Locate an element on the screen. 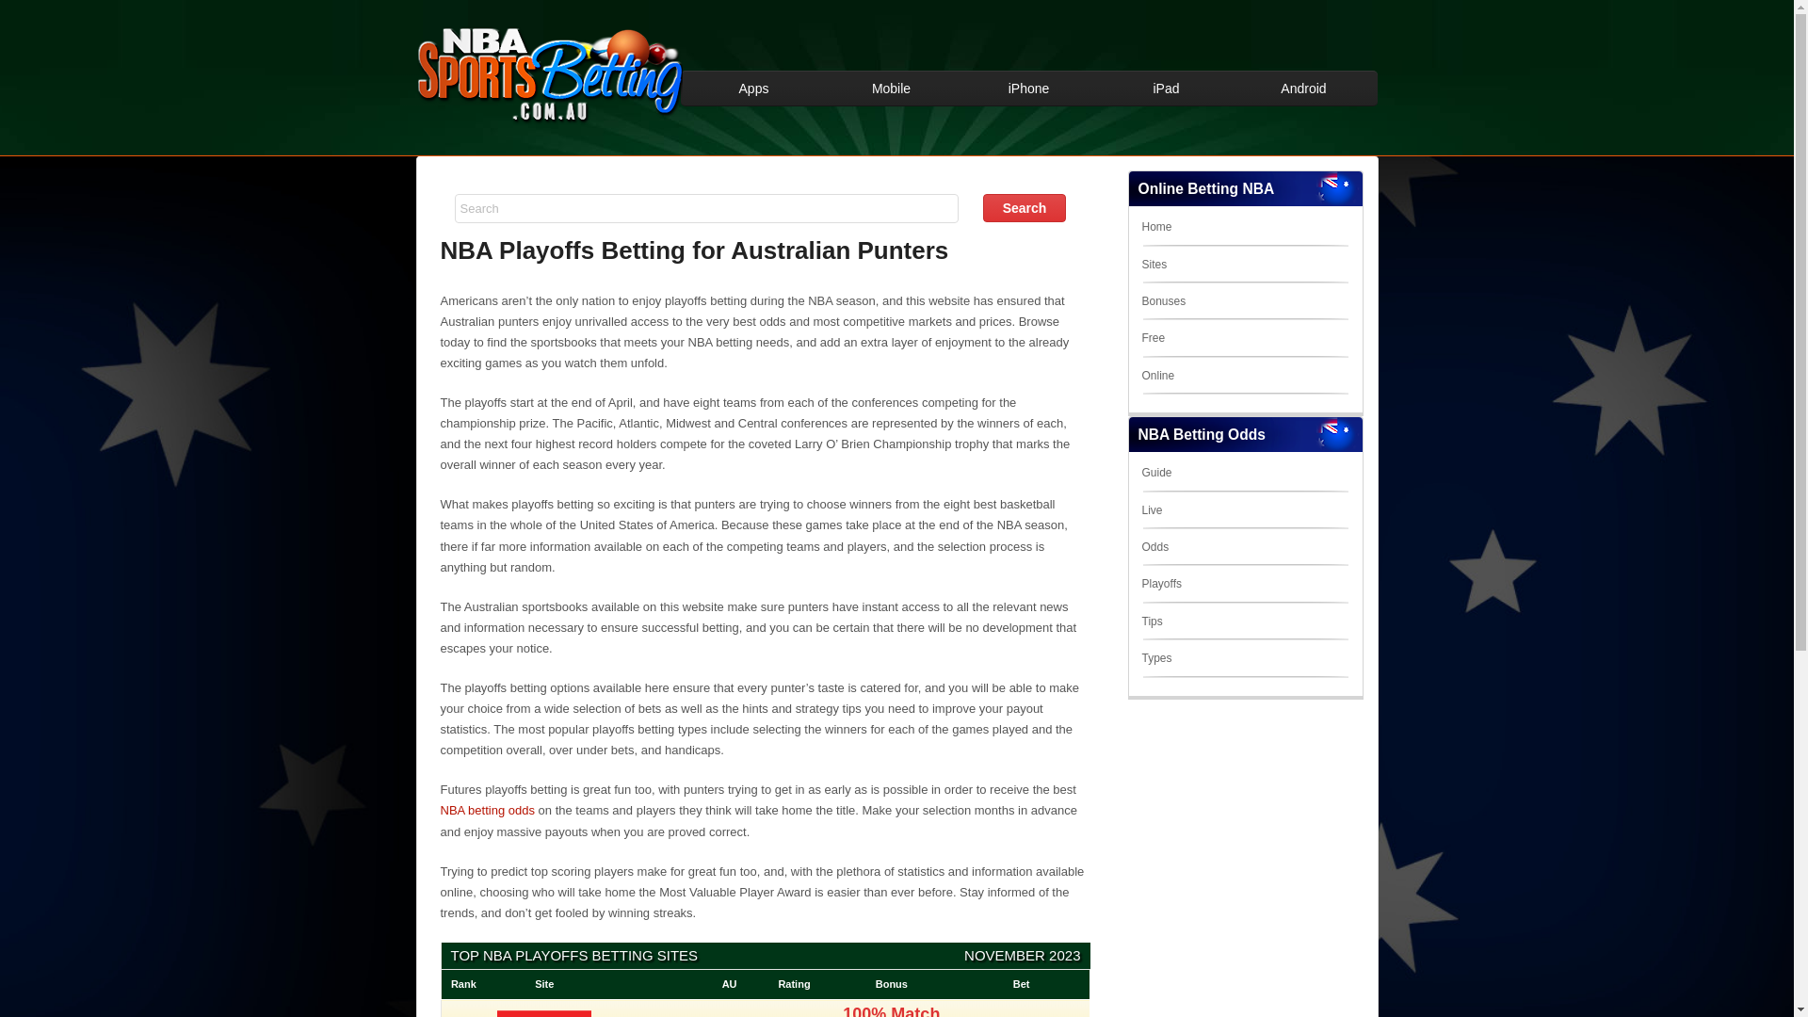  'Android' is located at coordinates (1235, 88).